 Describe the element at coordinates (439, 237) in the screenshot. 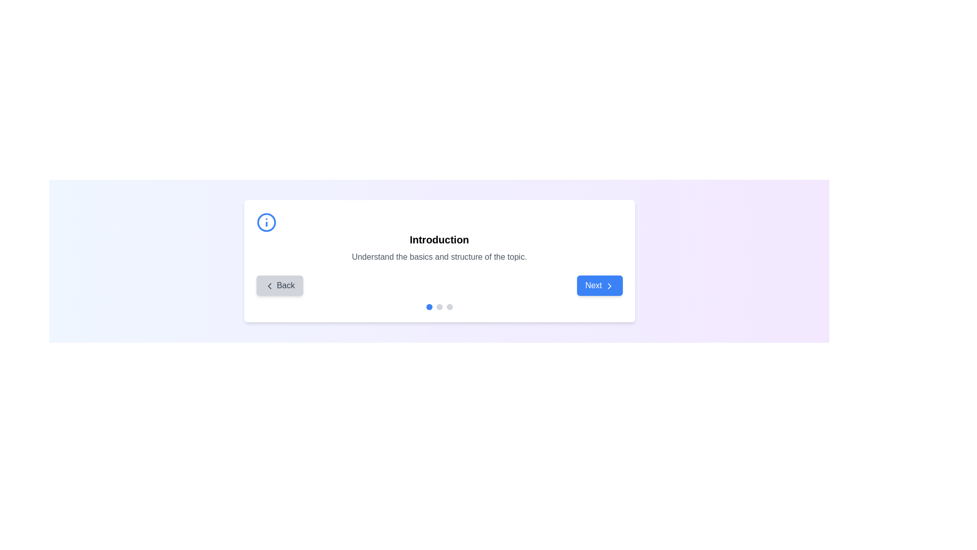

I see `the Text block element titled 'Introduction' which contains the description 'Understand the basics and structure of the topic.'` at that location.